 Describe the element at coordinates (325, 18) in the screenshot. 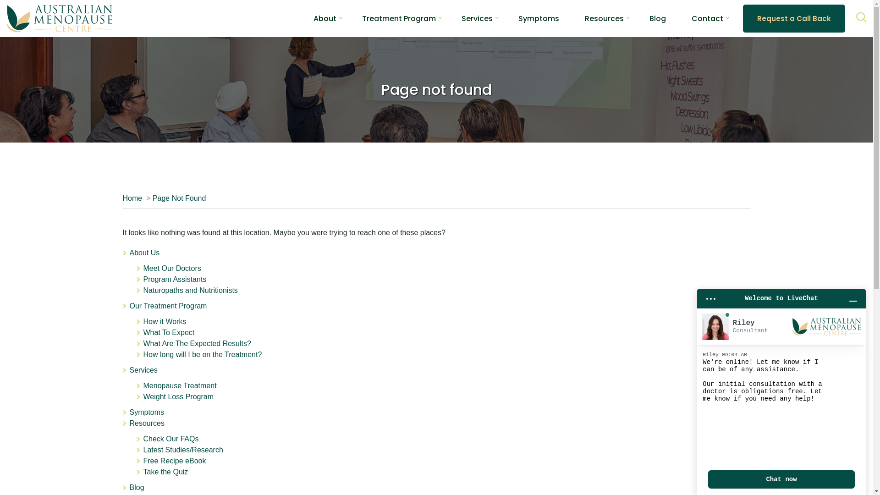

I see `'About'` at that location.